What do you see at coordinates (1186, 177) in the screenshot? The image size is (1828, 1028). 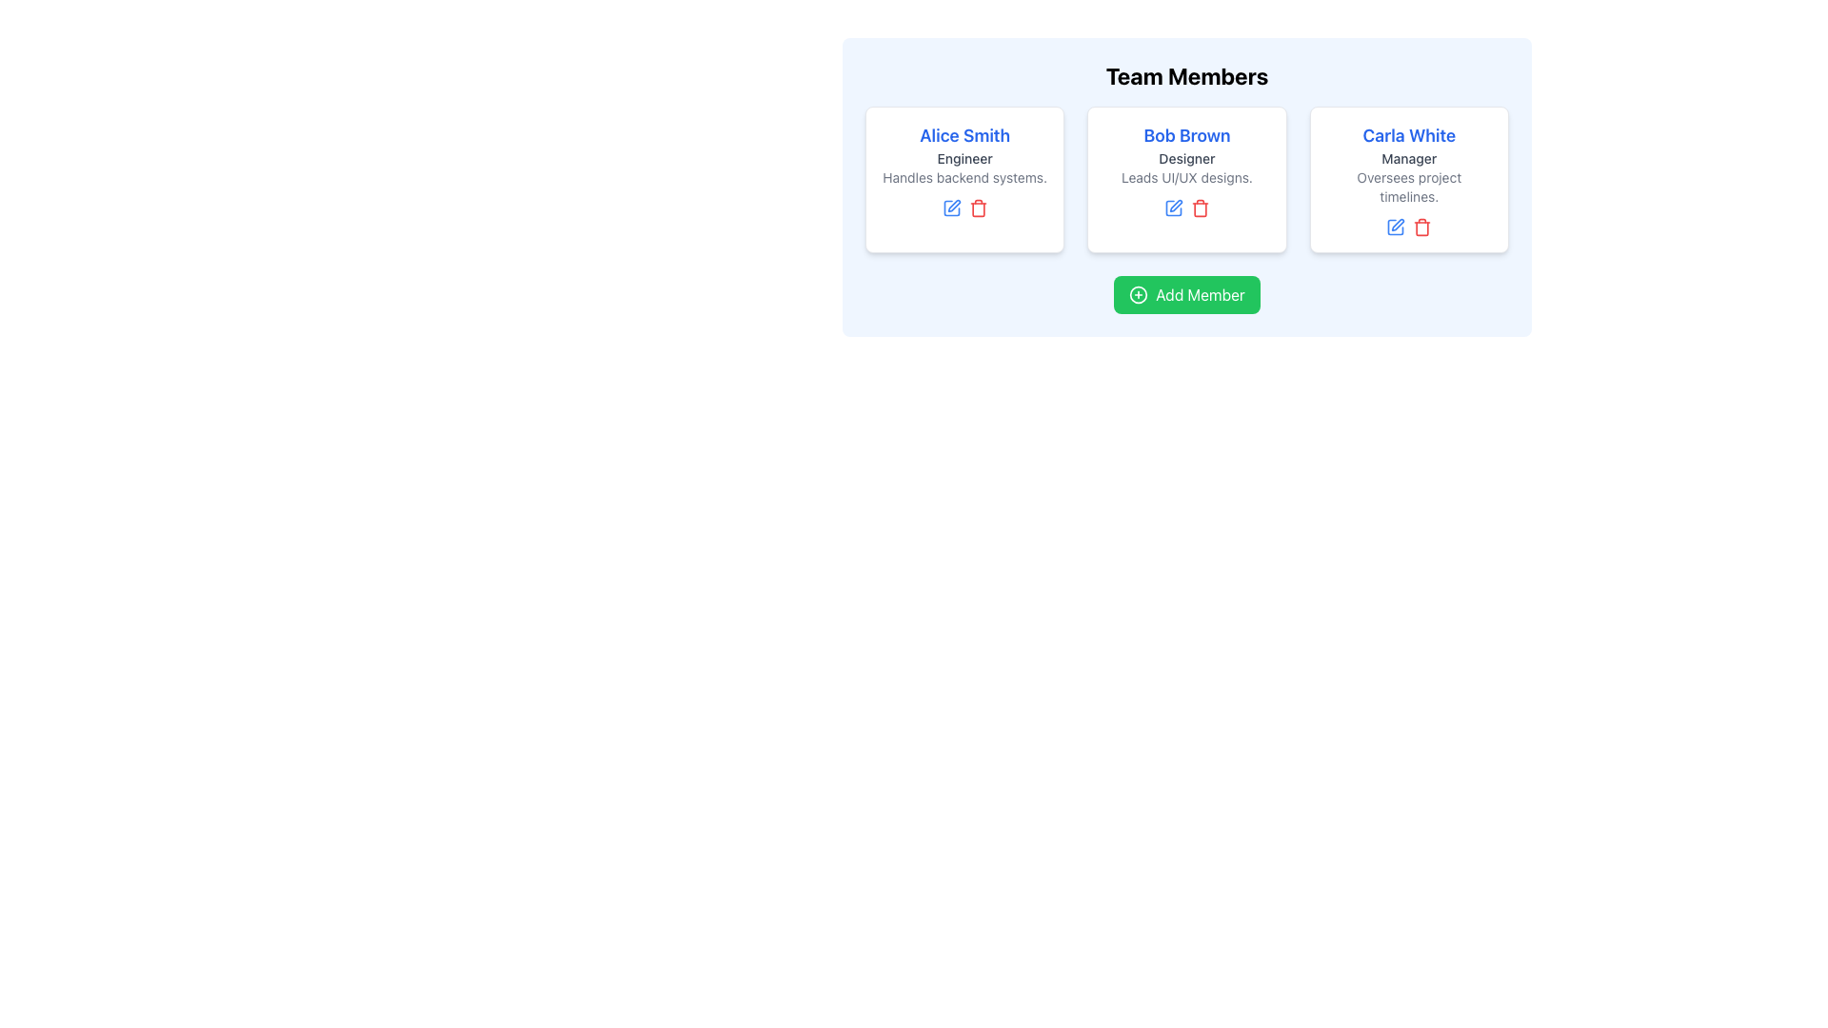 I see `the text label providing a brief description of the responsibilities of Bob Brown, located in the central card of a three-card layout` at bounding box center [1186, 177].